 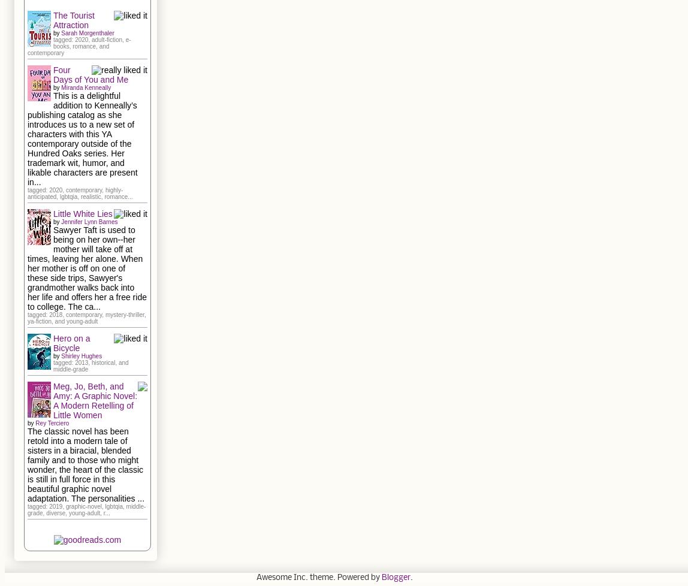 What do you see at coordinates (71, 343) in the screenshot?
I see `'Hero on a Bicycle'` at bounding box center [71, 343].